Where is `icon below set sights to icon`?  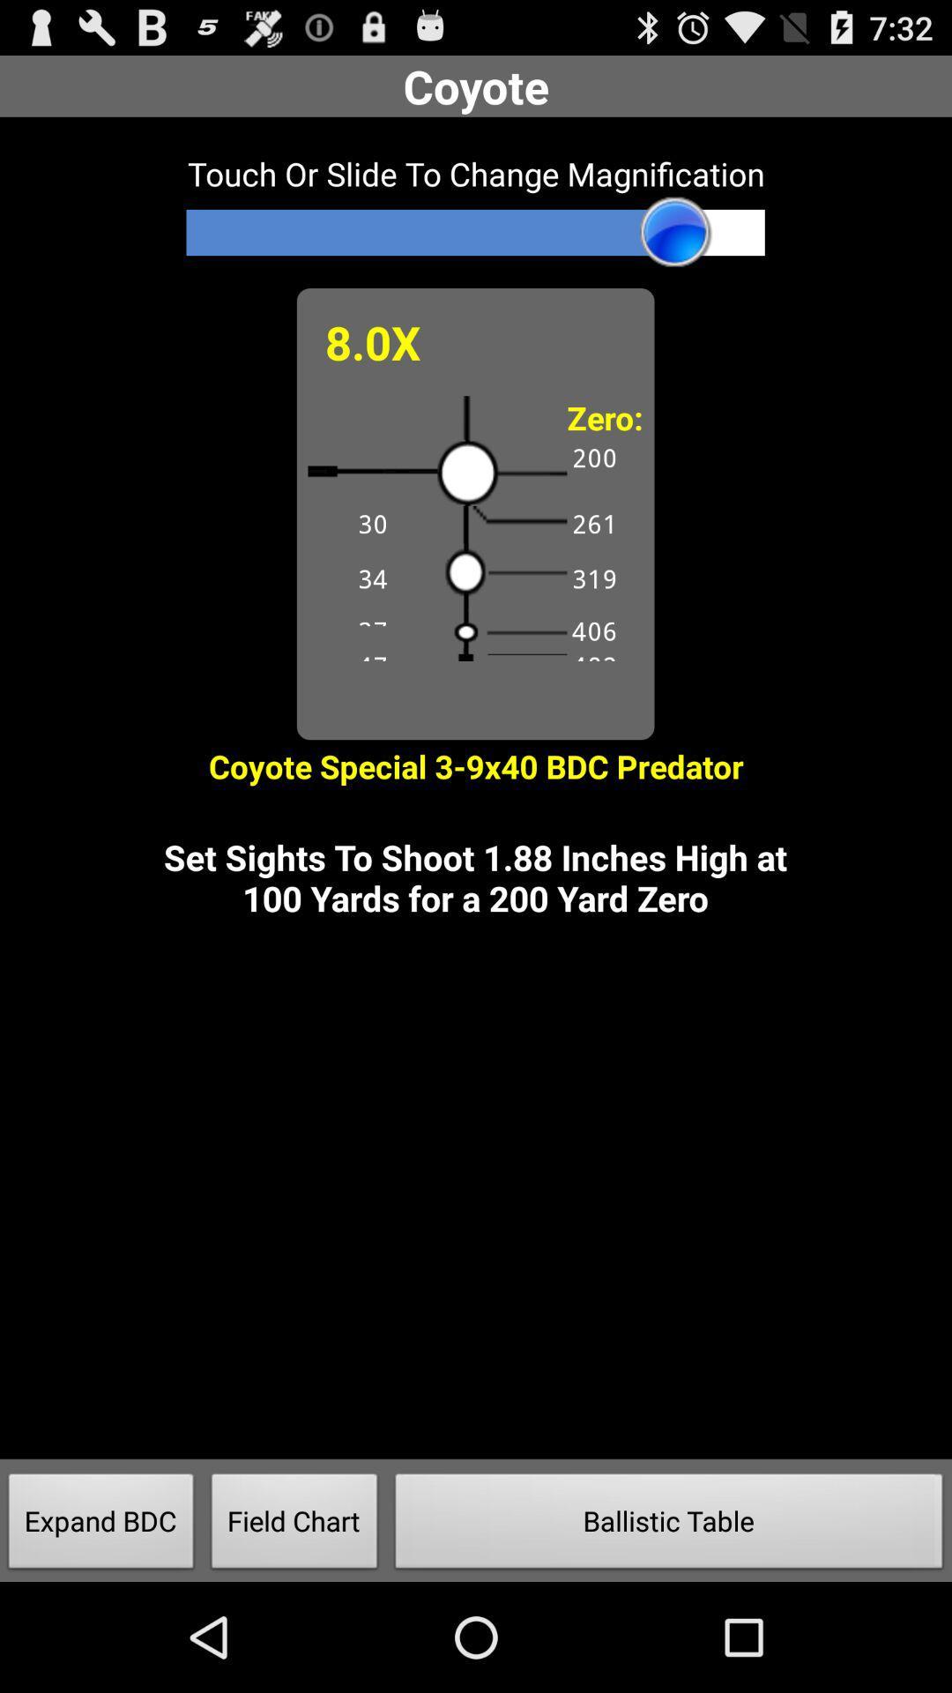
icon below set sights to icon is located at coordinates (101, 1525).